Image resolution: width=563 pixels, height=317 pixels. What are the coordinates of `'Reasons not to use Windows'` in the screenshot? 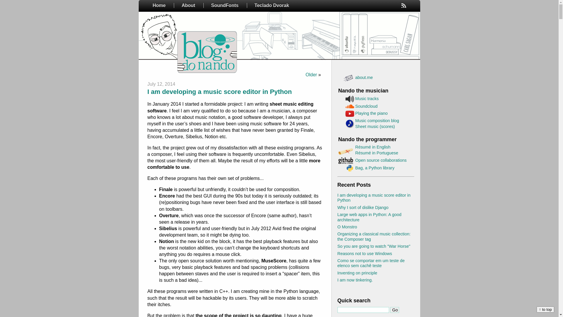 It's located at (364, 253).